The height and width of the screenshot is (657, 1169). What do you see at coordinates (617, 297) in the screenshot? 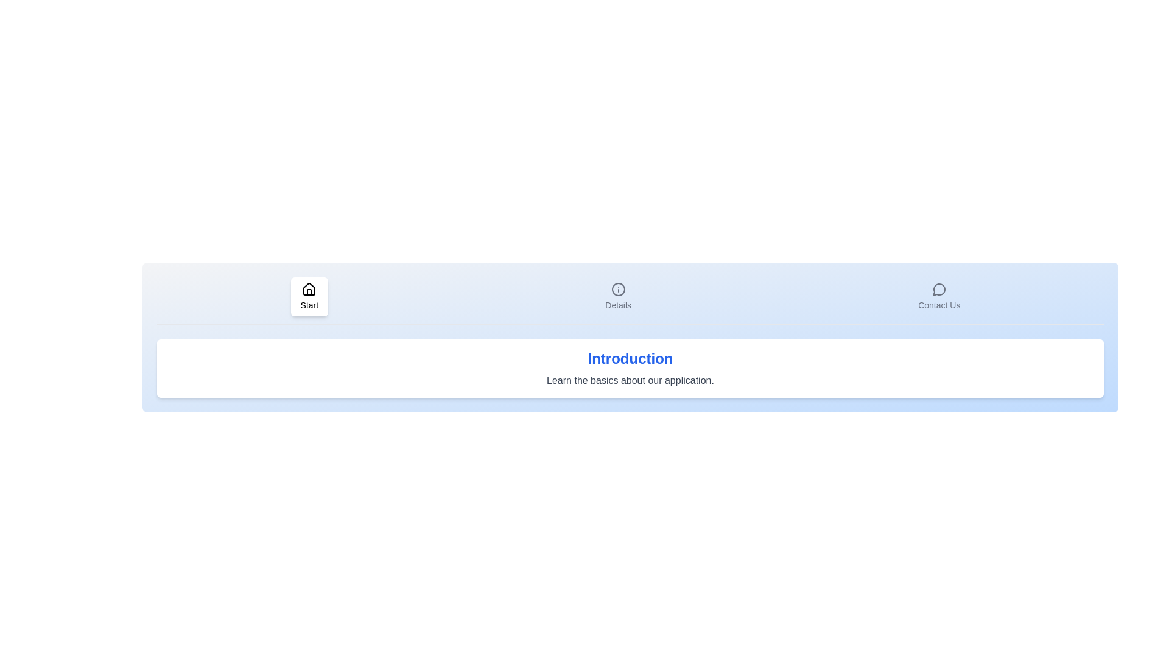
I see `the Details tab by clicking its respective button` at bounding box center [617, 297].